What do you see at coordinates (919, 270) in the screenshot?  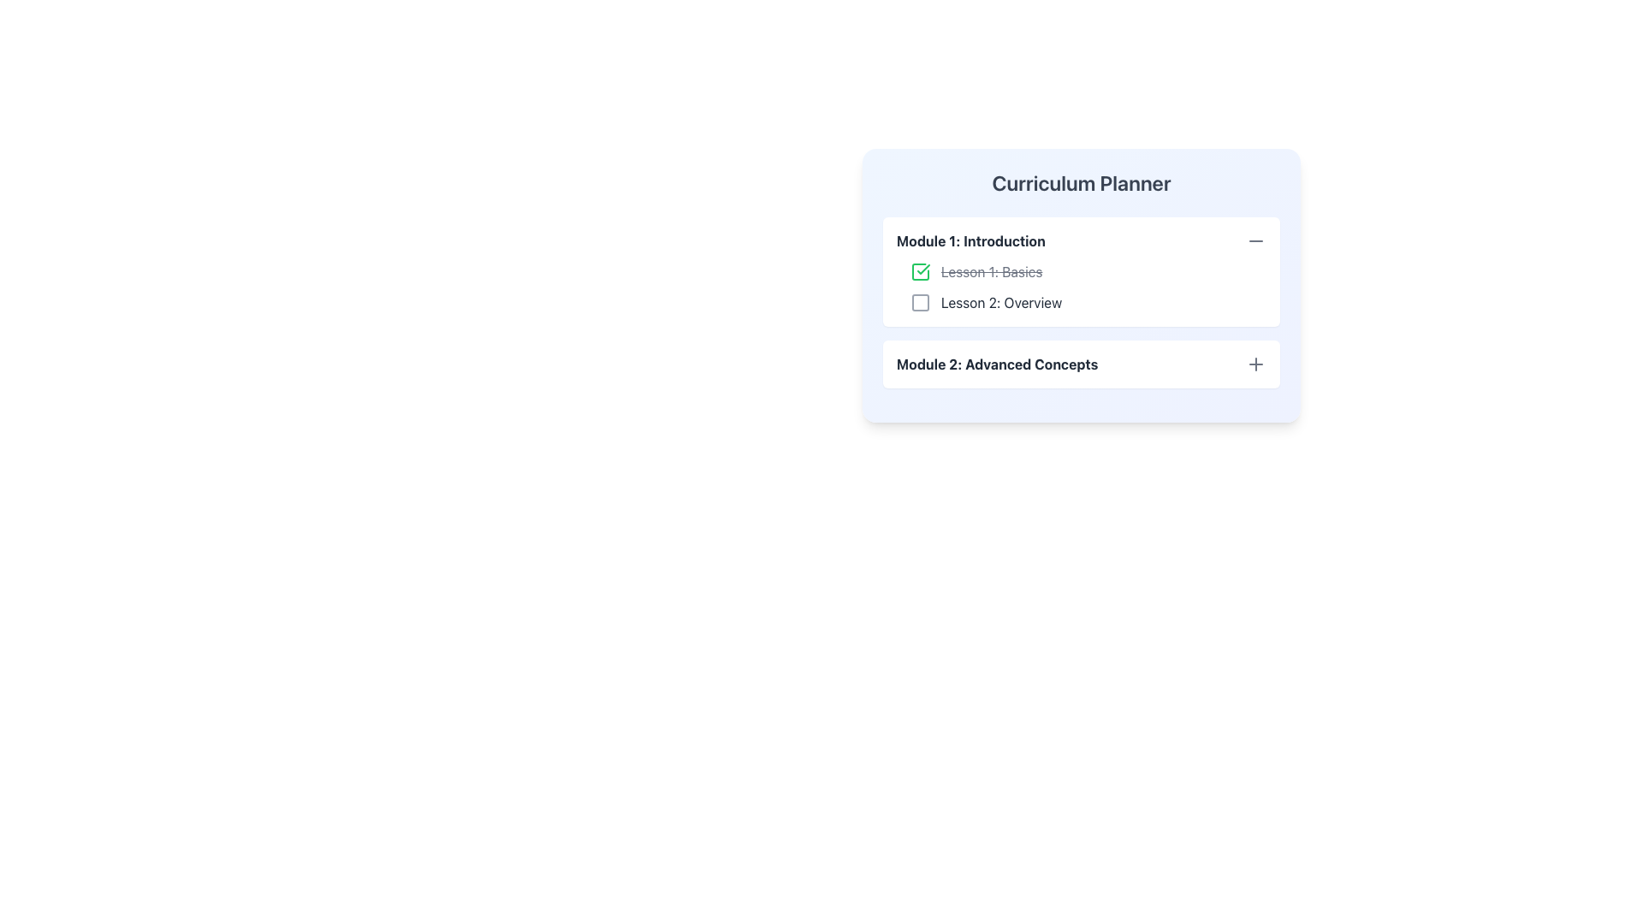 I see `the square-shaped checkbox icon with a green checkmark in the 'Module 1: Introduction' section, located to the left of the 'Lesson 1: Basics' label` at bounding box center [919, 270].